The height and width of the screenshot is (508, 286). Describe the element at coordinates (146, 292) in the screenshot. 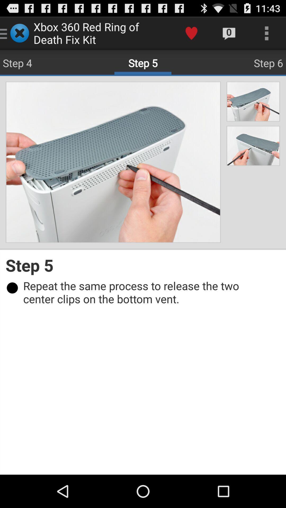

I see `repeat the same item` at that location.